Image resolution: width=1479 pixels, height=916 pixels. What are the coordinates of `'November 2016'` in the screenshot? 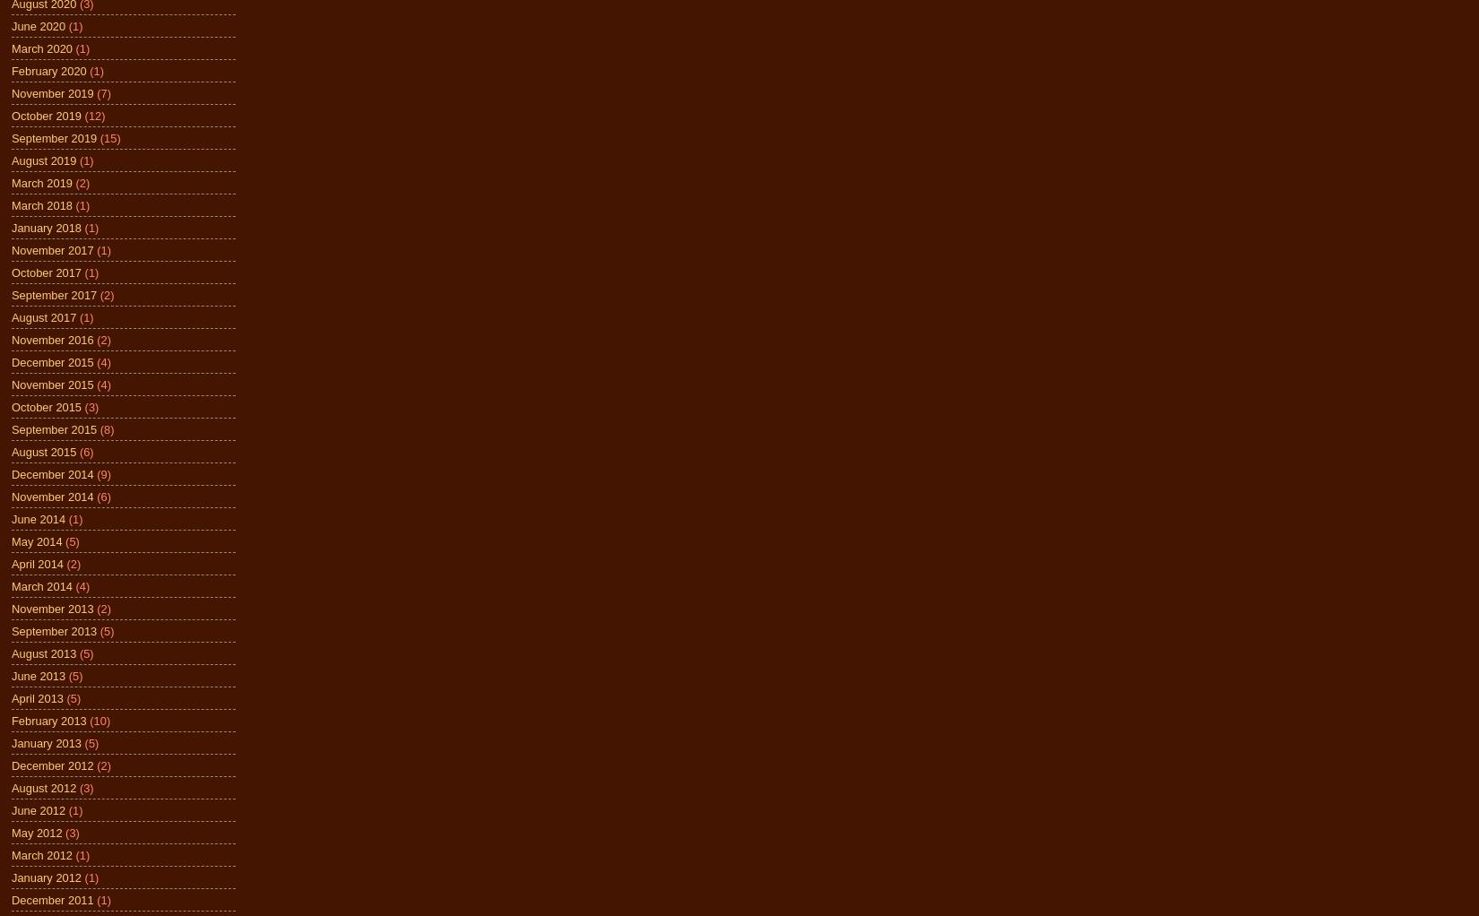 It's located at (52, 338).